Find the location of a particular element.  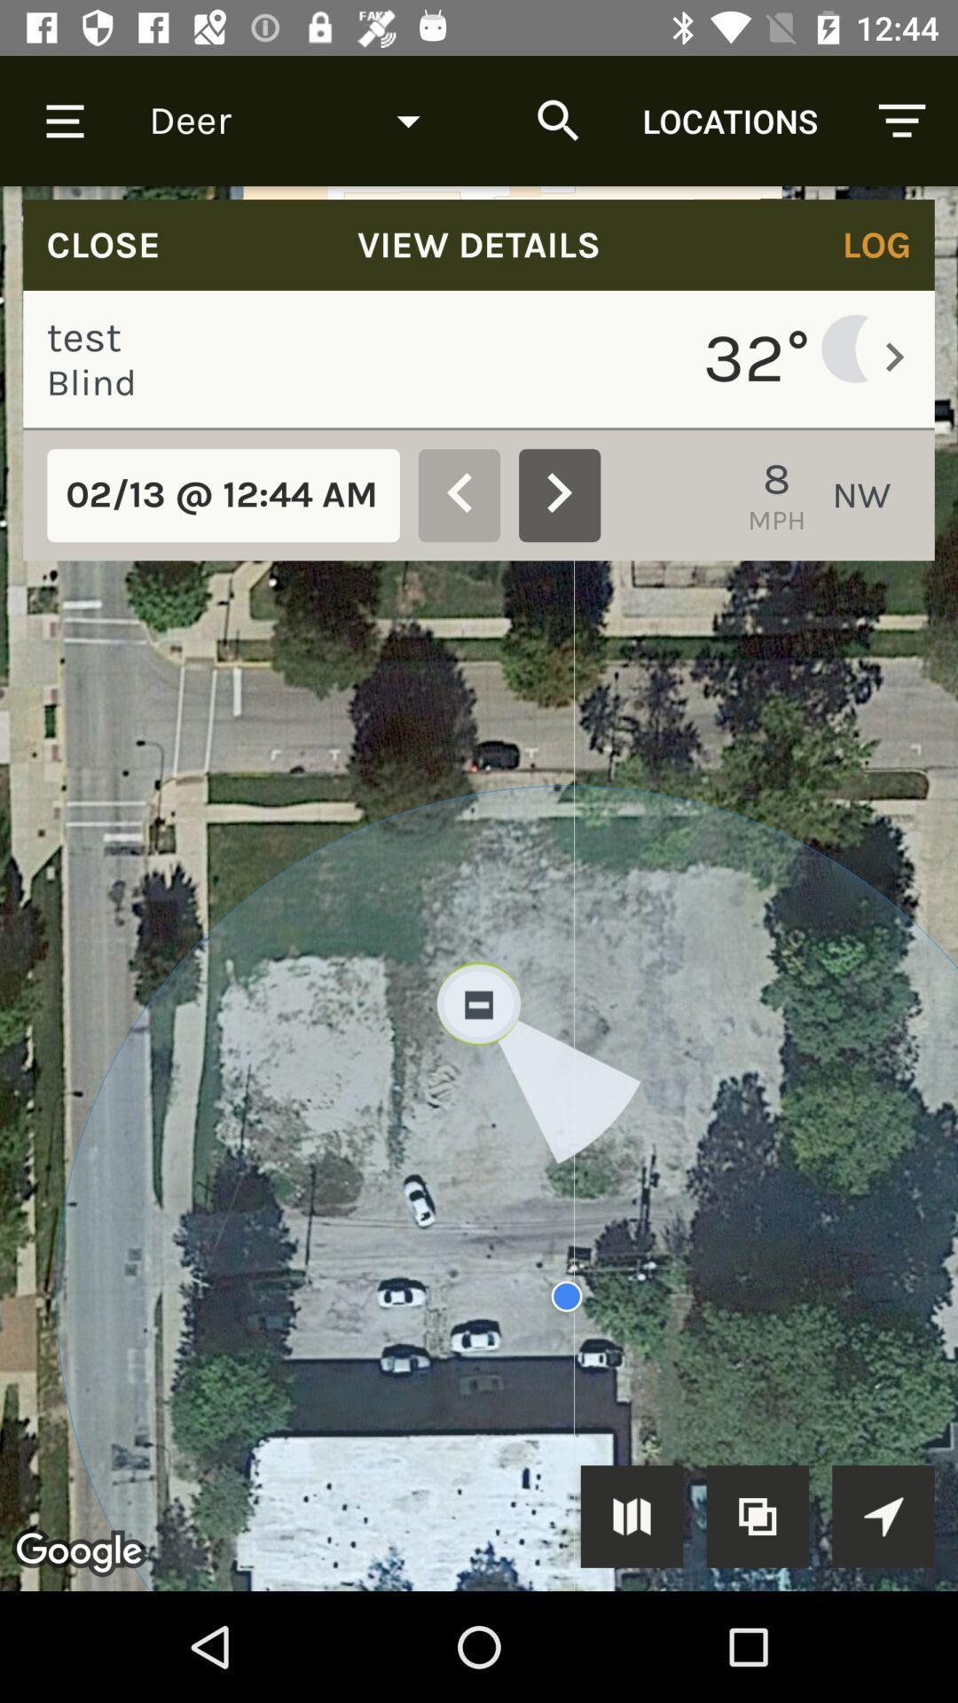

symbol is located at coordinates (631, 1515).